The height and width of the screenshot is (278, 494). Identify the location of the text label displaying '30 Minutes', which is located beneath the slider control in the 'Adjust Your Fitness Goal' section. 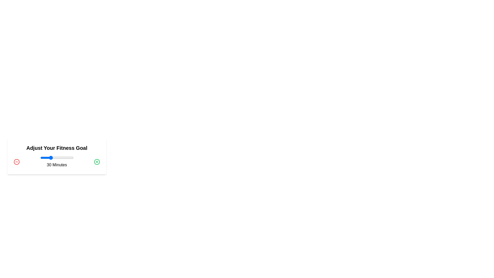
(57, 165).